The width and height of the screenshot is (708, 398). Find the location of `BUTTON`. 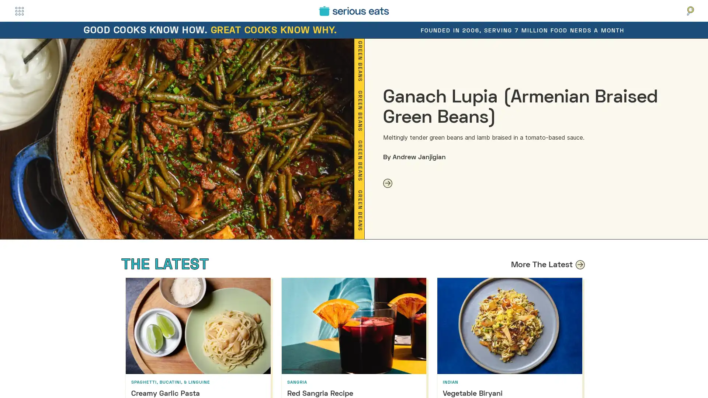

BUTTON is located at coordinates (19, 11).